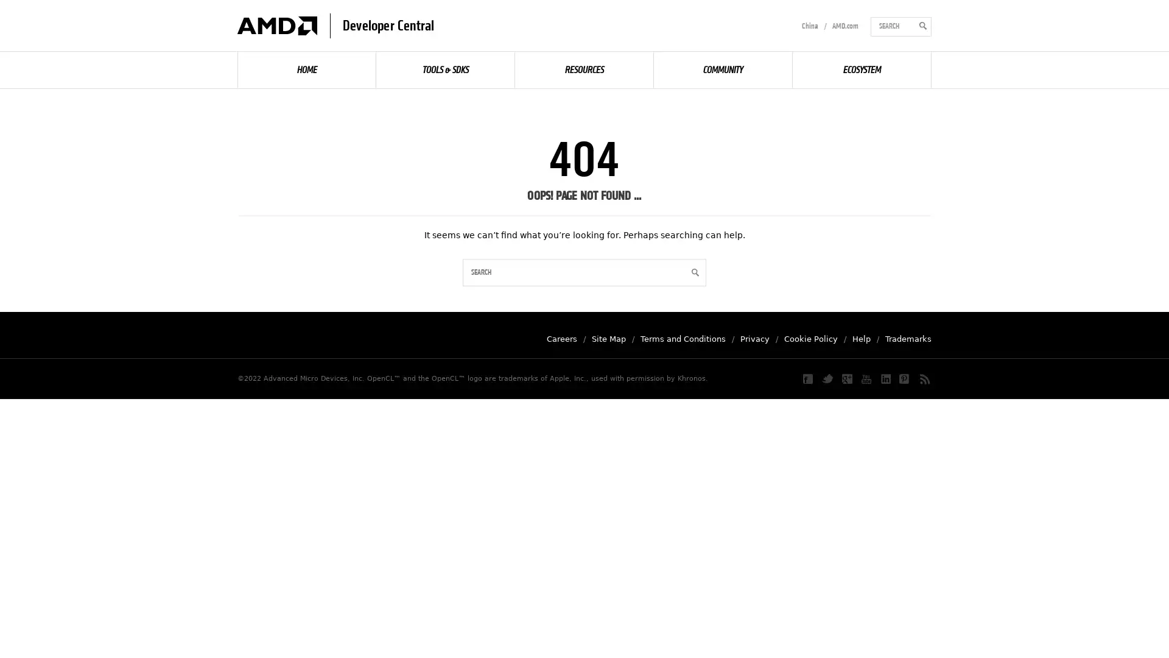  Describe the element at coordinates (693, 271) in the screenshot. I see `Search` at that location.